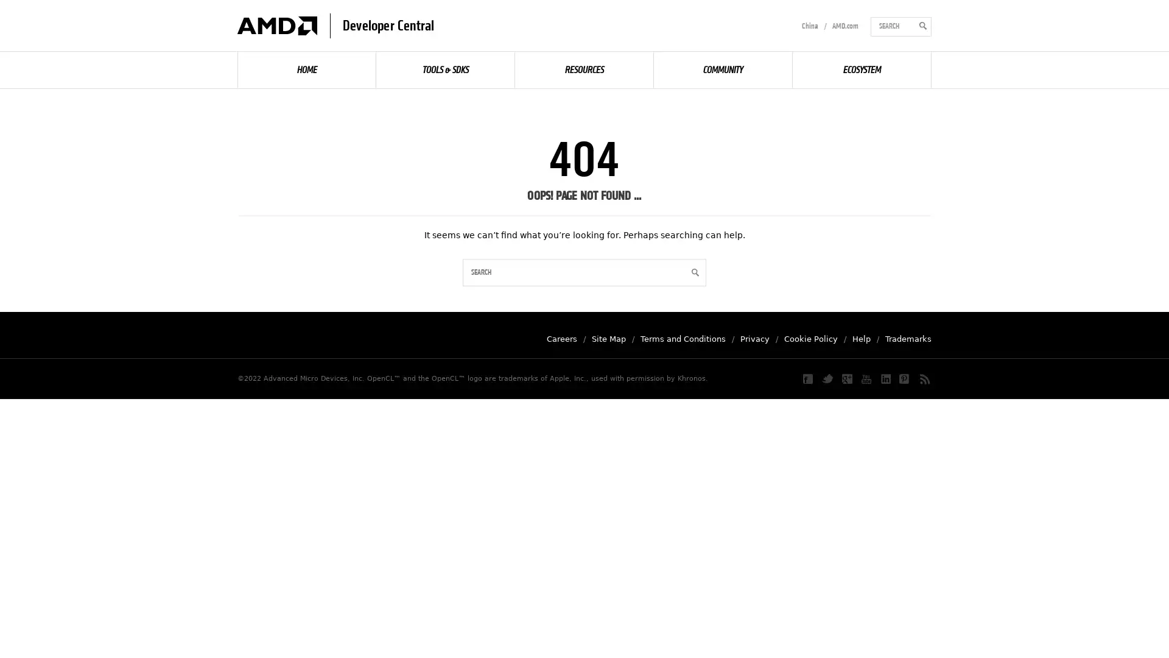  Describe the element at coordinates (693, 271) in the screenshot. I see `Search` at that location.